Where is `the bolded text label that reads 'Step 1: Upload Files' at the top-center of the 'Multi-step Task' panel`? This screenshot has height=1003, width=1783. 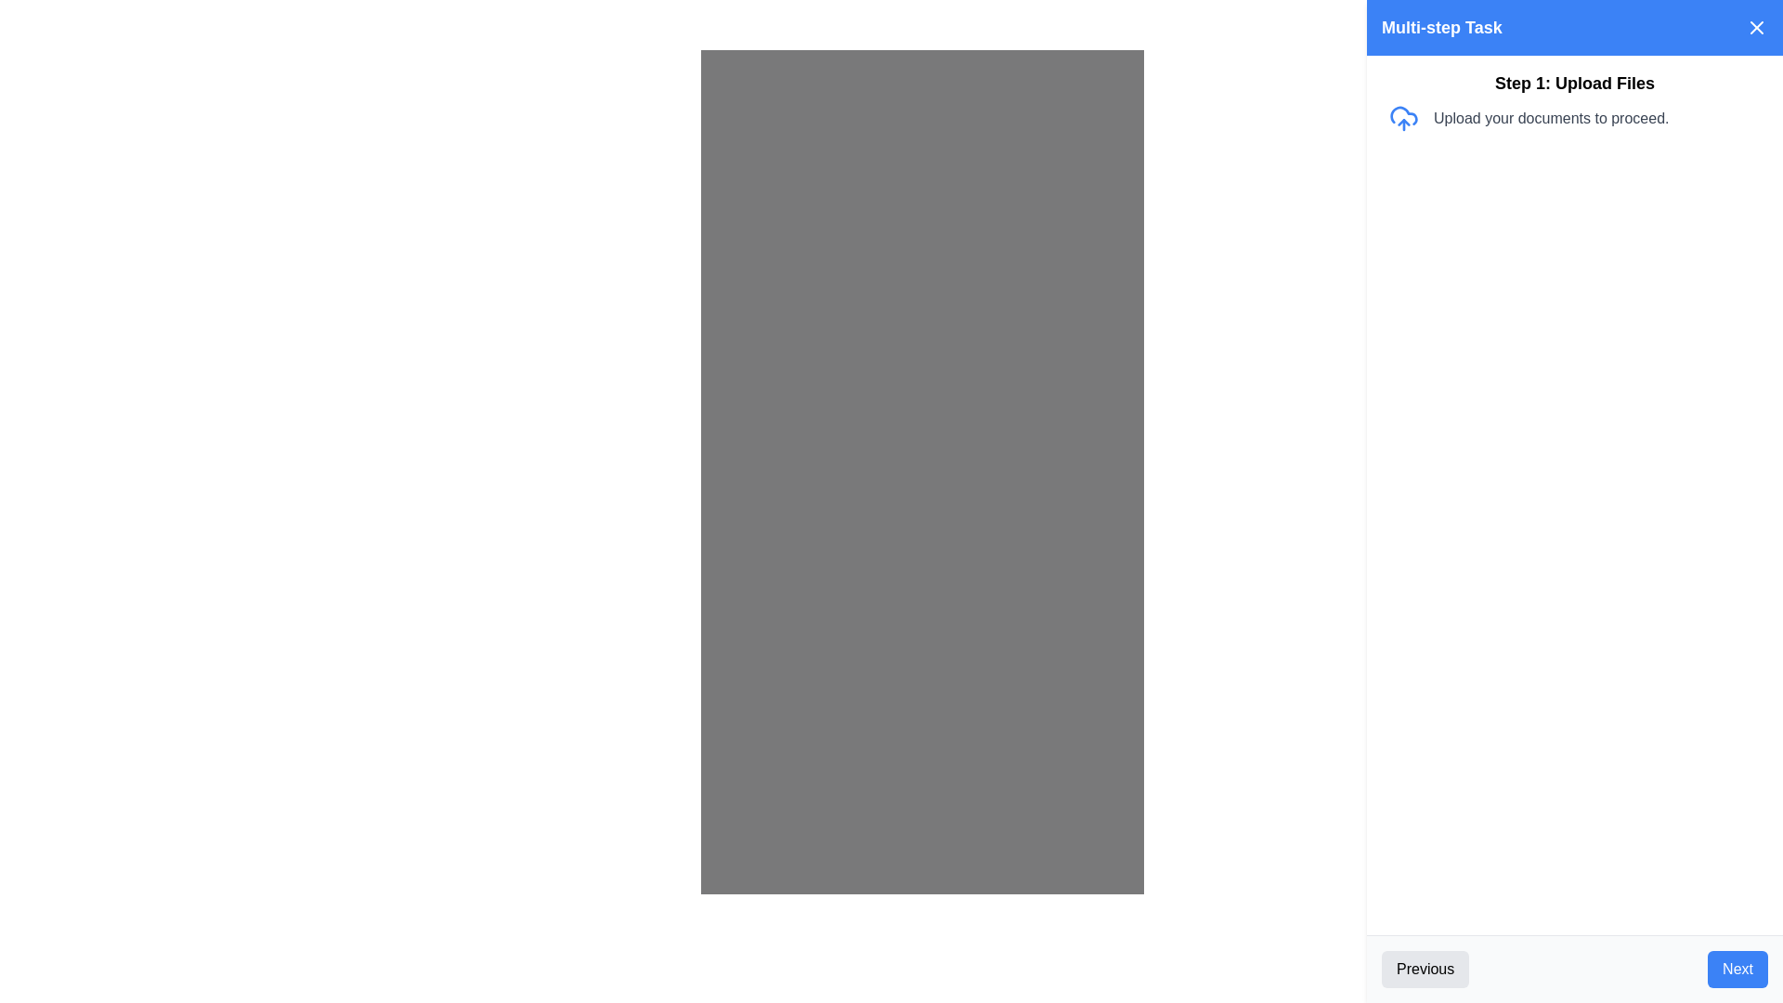 the bolded text label that reads 'Step 1: Upload Files' at the top-center of the 'Multi-step Task' panel is located at coordinates (1573, 82).